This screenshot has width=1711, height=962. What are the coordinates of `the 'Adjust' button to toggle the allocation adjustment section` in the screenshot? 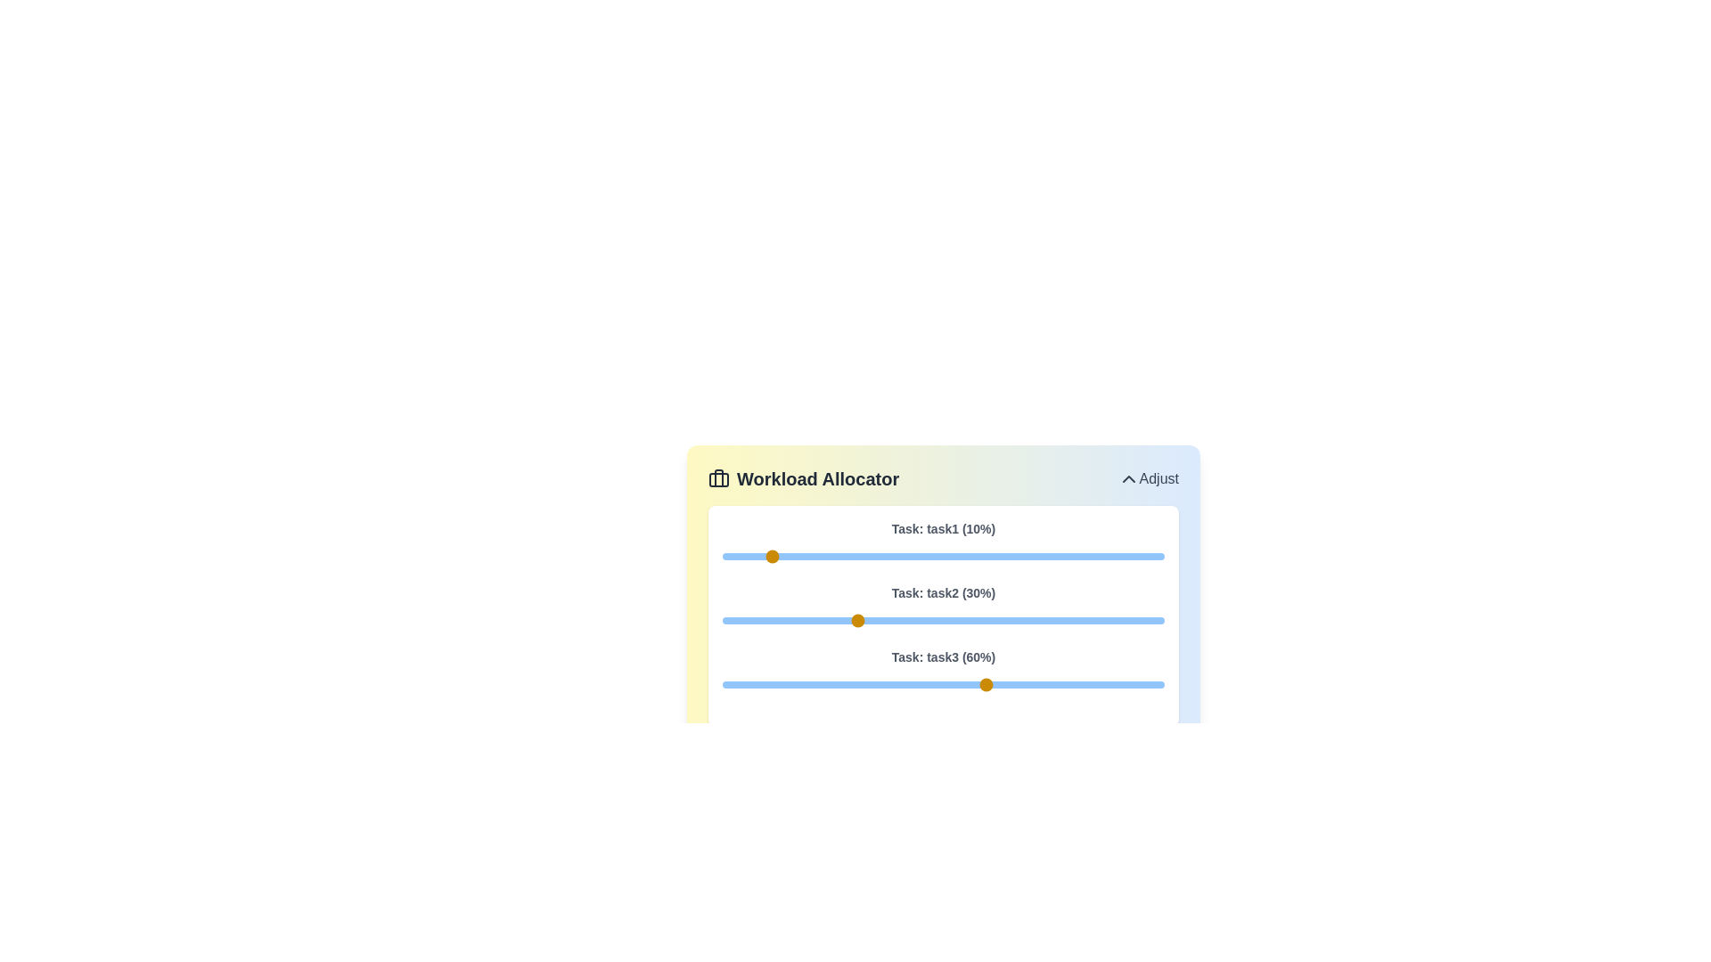 It's located at (1148, 477).